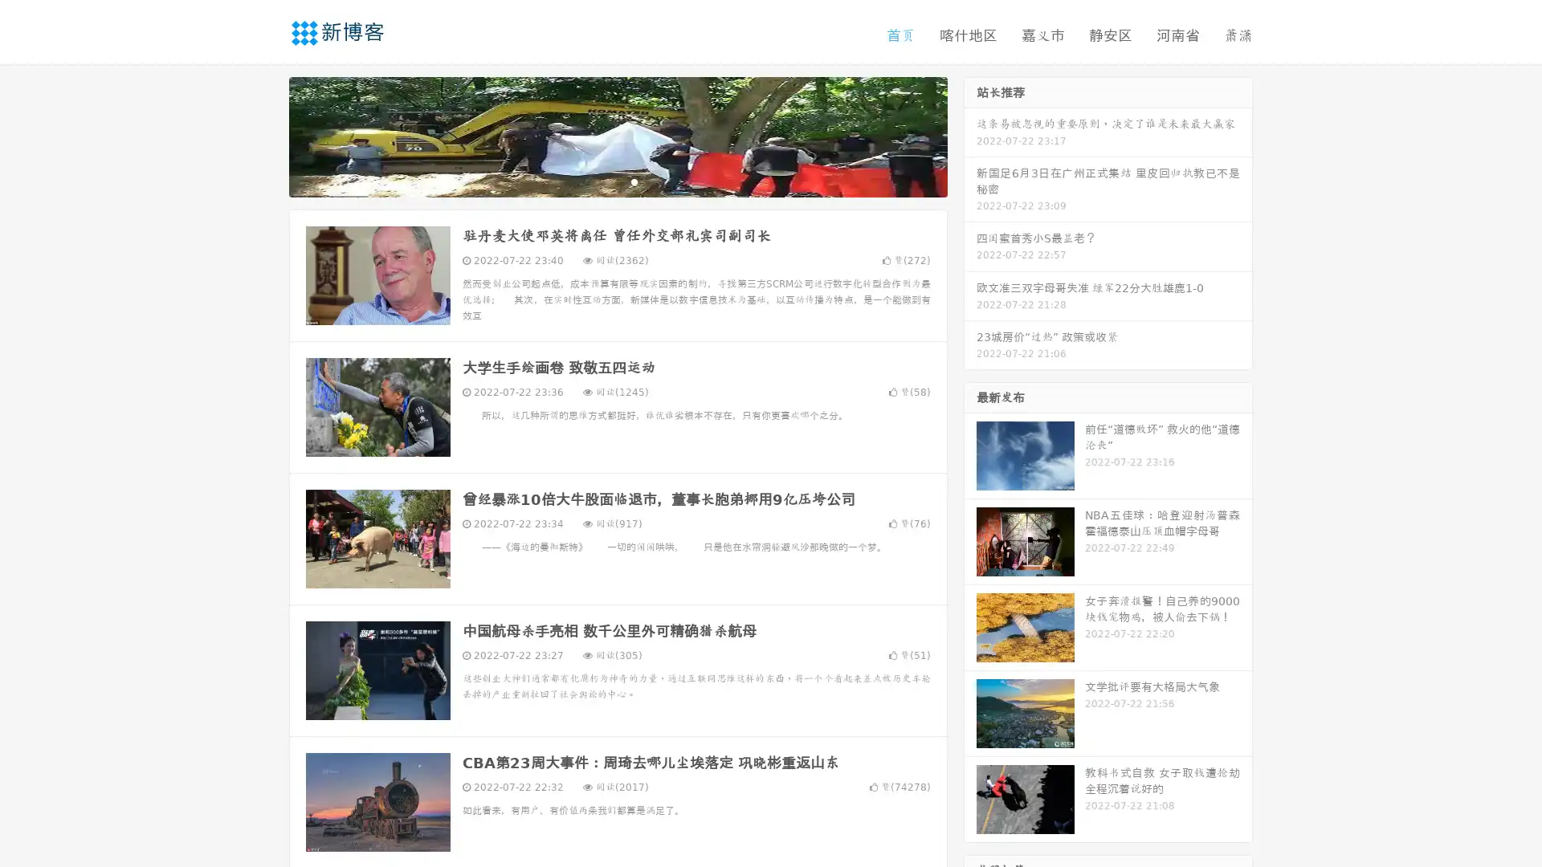  What do you see at coordinates (601, 181) in the screenshot?
I see `Go to slide 1` at bounding box center [601, 181].